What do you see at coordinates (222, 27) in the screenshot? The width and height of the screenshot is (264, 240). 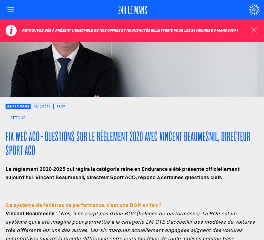 I see `'MON COMPTE ACO'` at bounding box center [222, 27].